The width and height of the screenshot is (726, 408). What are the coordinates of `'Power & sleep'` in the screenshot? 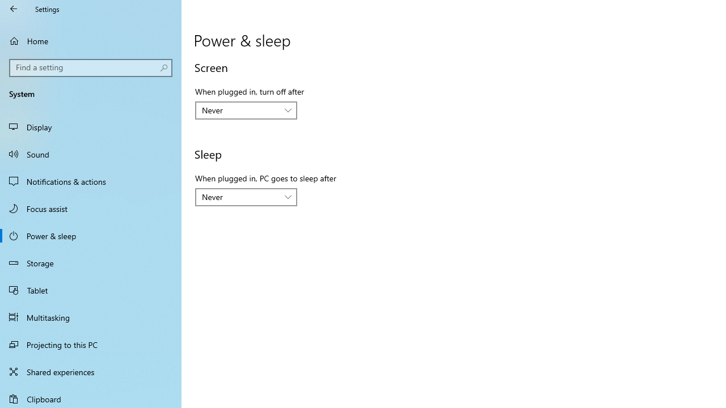 It's located at (91, 235).